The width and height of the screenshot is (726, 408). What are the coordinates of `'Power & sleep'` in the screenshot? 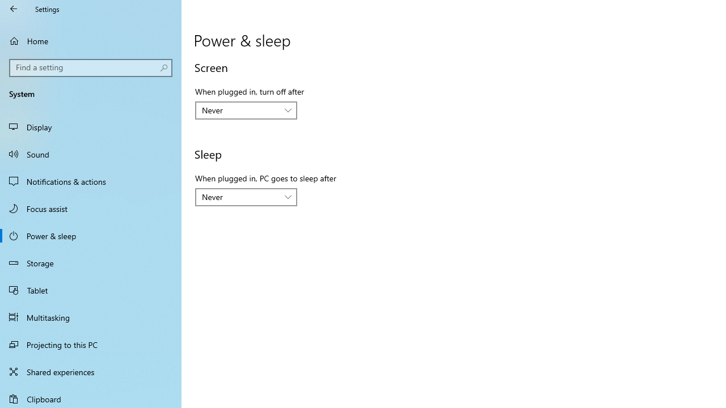 It's located at (91, 235).